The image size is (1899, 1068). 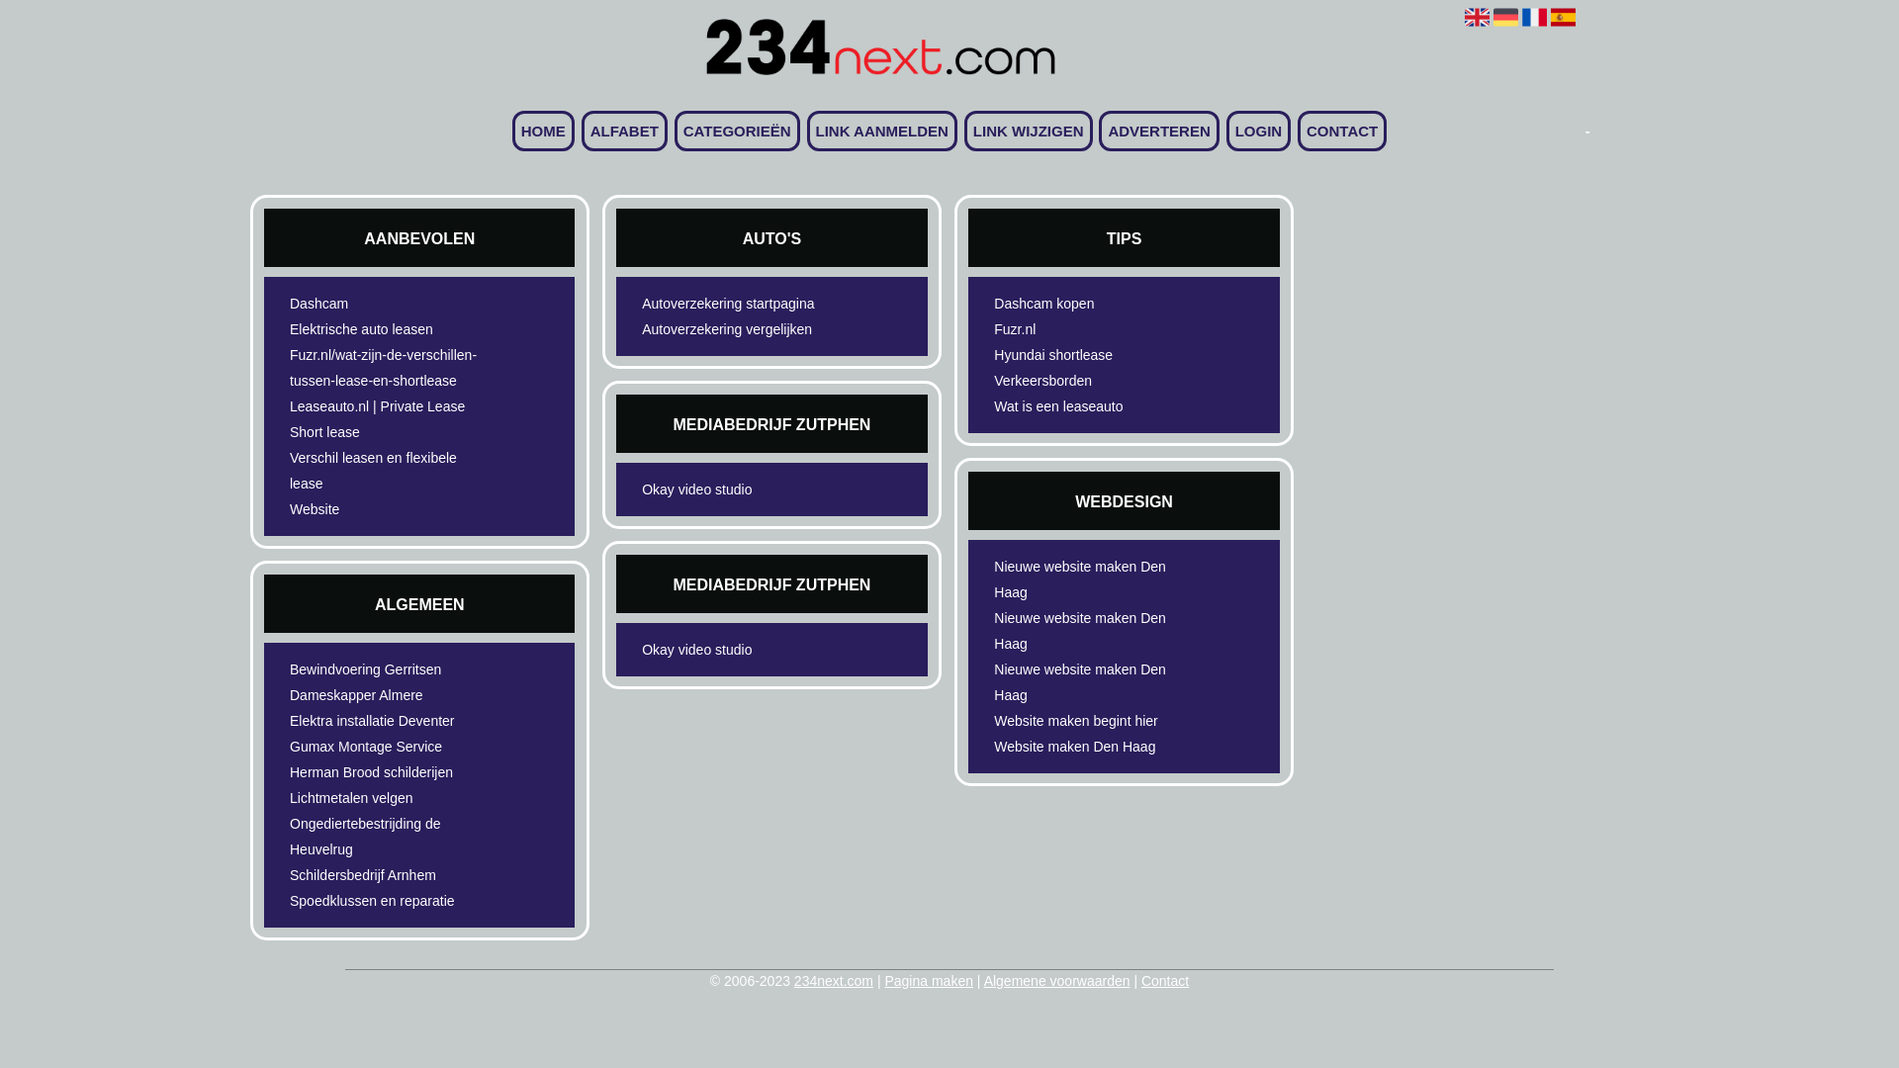 What do you see at coordinates (793, 980) in the screenshot?
I see `'234next.com'` at bounding box center [793, 980].